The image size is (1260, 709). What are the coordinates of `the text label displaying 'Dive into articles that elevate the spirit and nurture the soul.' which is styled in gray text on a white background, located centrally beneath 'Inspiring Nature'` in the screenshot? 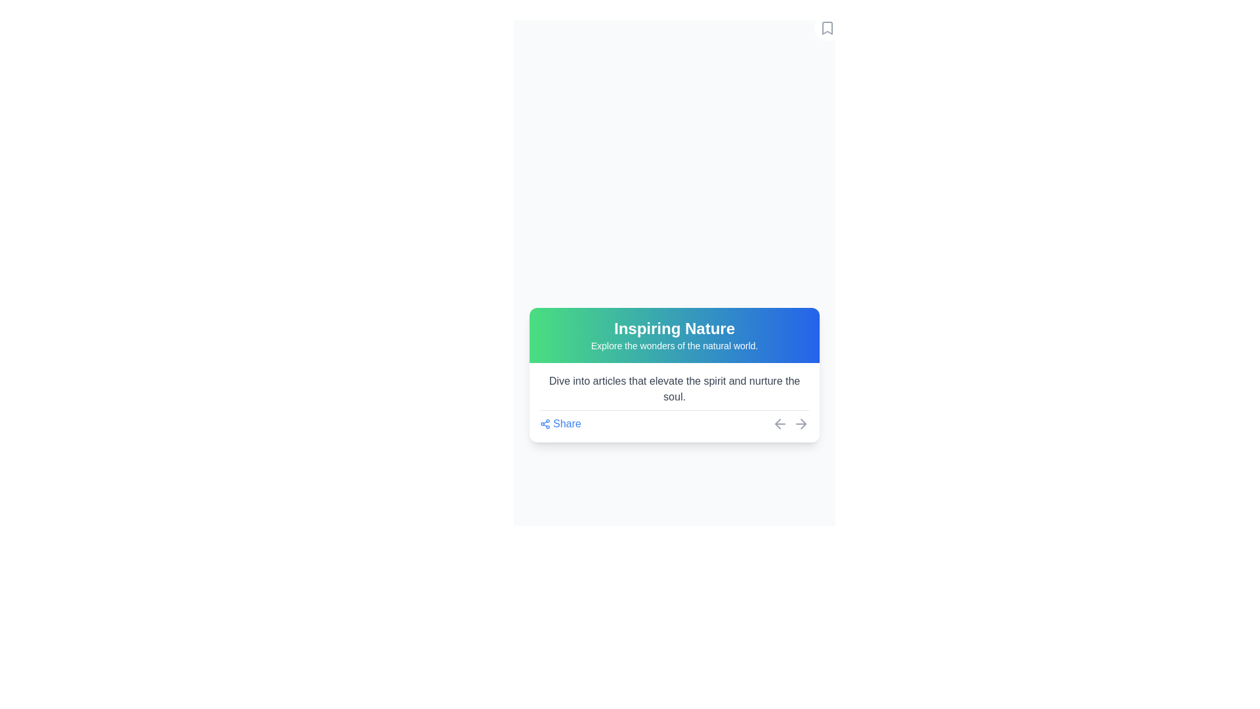 It's located at (674, 387).